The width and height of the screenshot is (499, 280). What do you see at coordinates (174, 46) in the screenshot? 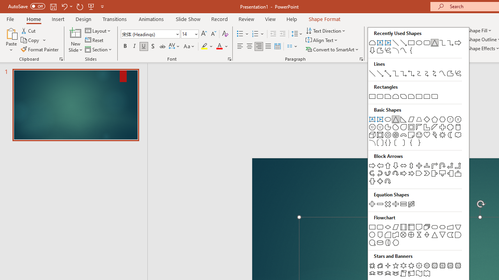
I see `'Character Spacing'` at bounding box center [174, 46].